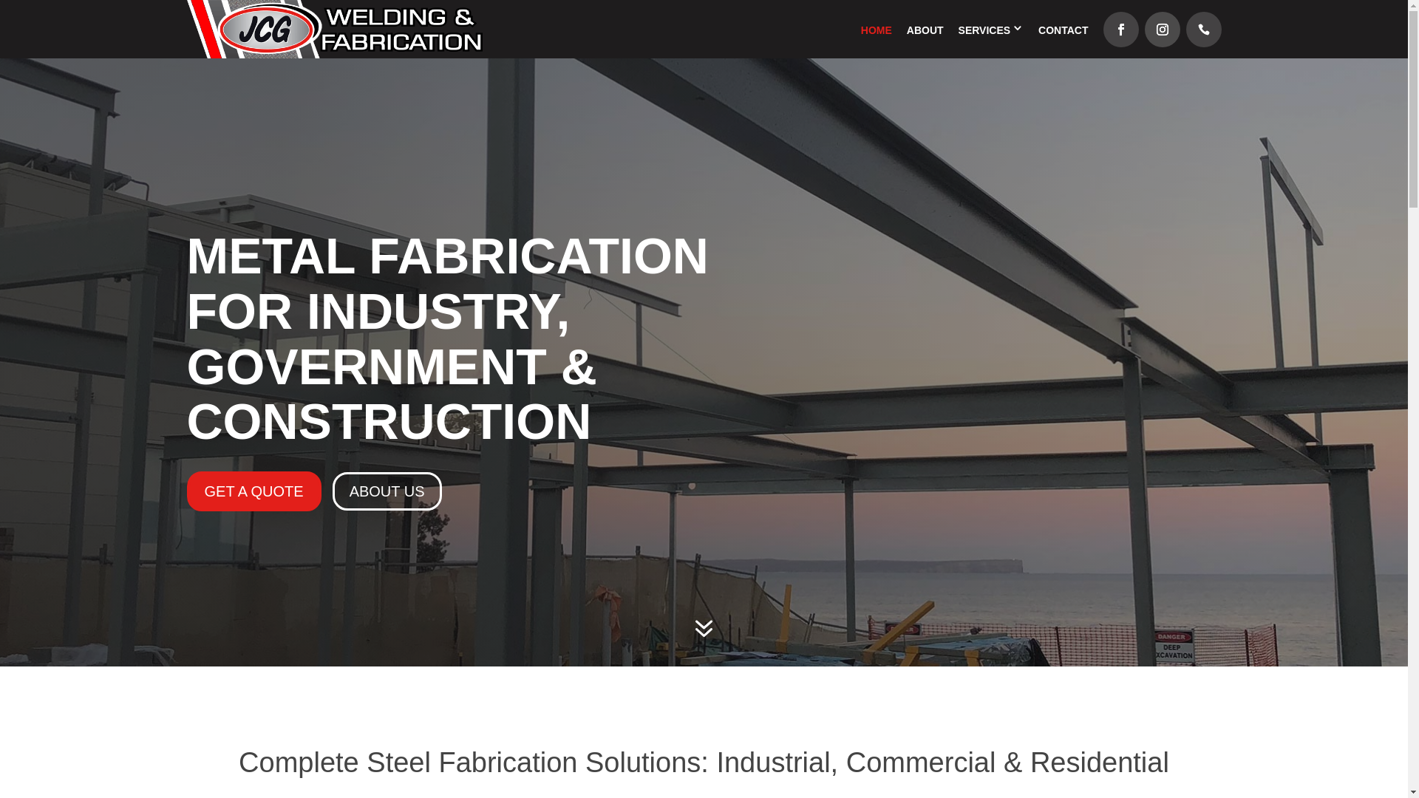  I want to click on 'HOME', so click(876, 30).